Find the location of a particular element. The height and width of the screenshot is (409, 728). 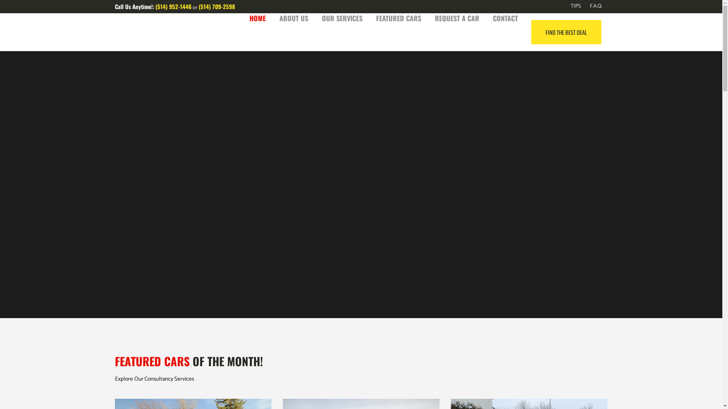

'CONTACT' is located at coordinates (505, 17).